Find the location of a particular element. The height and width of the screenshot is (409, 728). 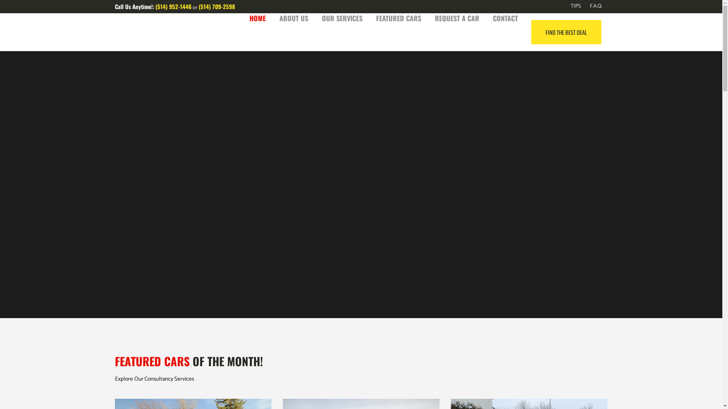

'CONTACT' is located at coordinates (505, 17).